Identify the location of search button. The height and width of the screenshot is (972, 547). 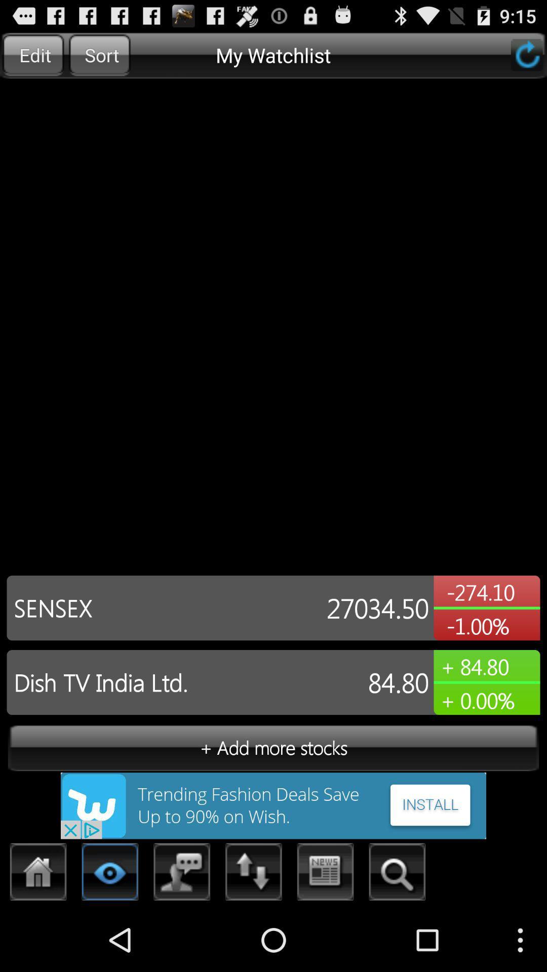
(397, 874).